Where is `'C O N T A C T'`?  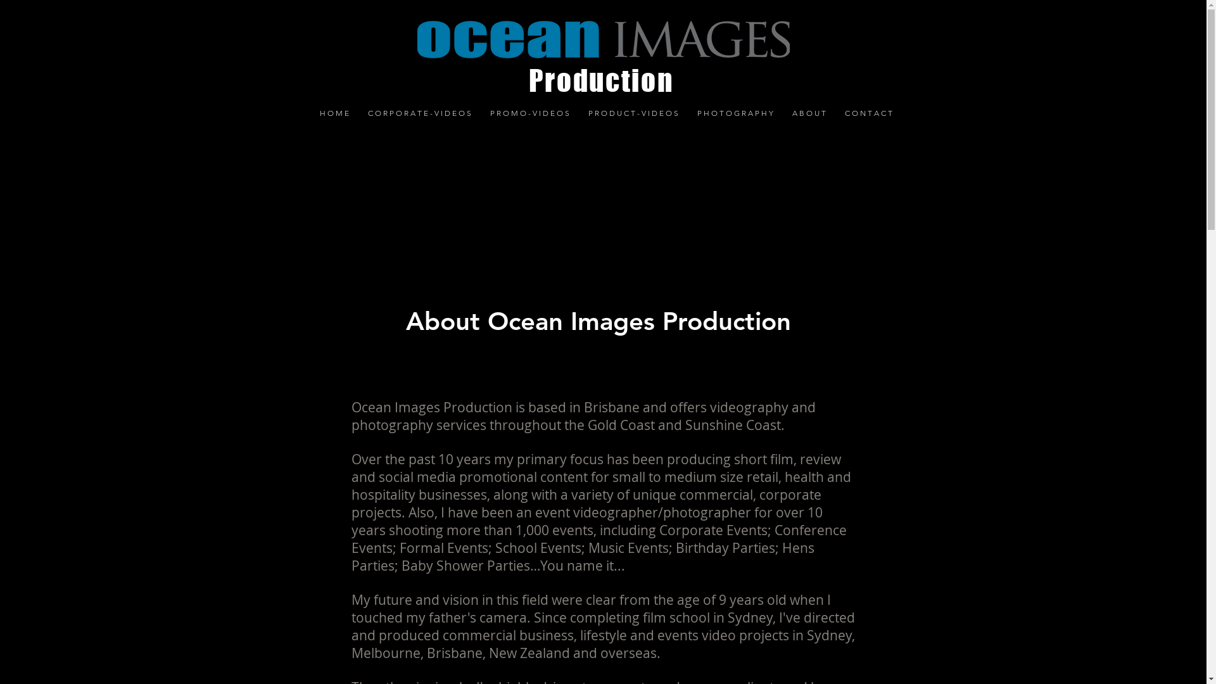 'C O N T A C T' is located at coordinates (835, 112).